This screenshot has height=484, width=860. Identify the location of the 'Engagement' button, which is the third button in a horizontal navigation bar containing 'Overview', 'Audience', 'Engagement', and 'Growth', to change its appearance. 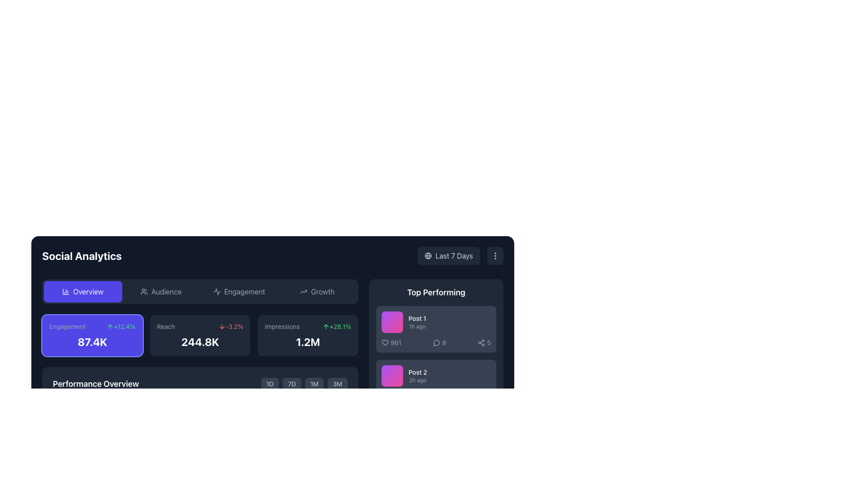
(239, 292).